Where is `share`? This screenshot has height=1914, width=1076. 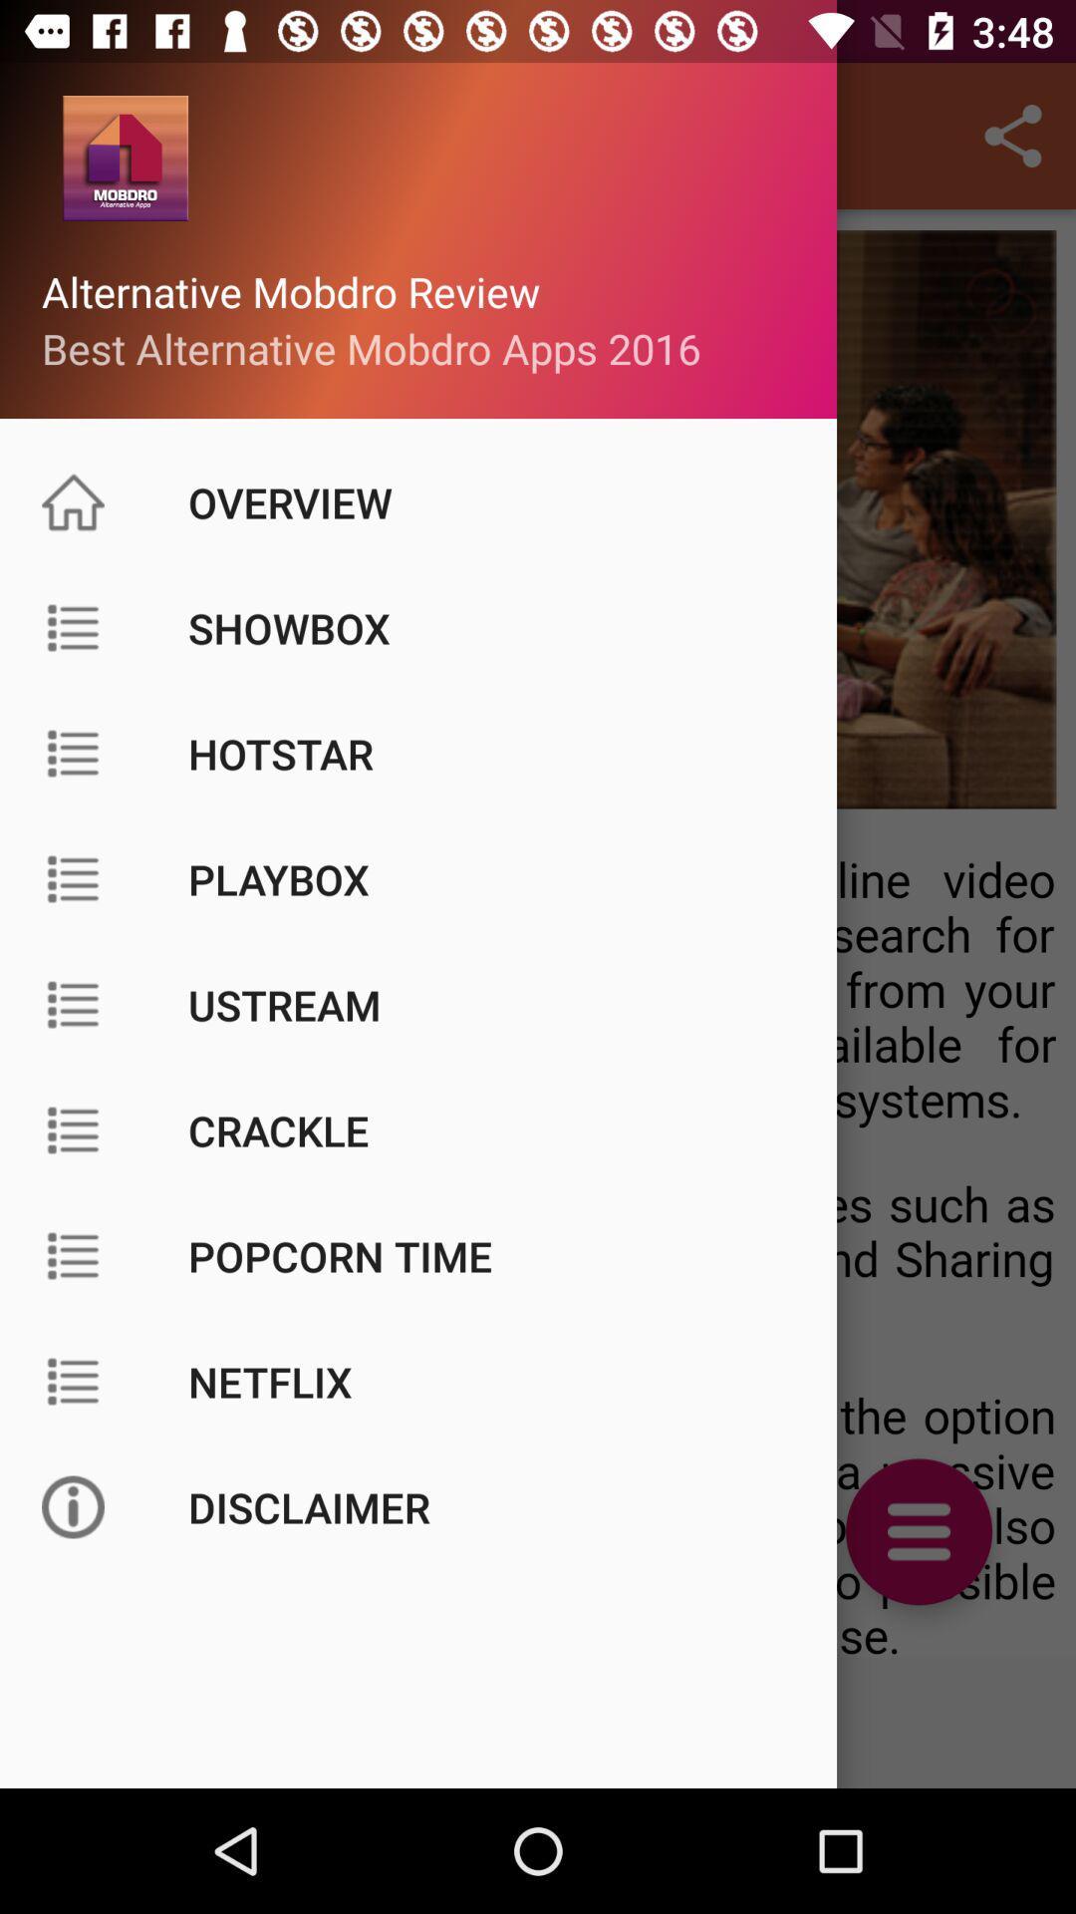
share is located at coordinates (1013, 136).